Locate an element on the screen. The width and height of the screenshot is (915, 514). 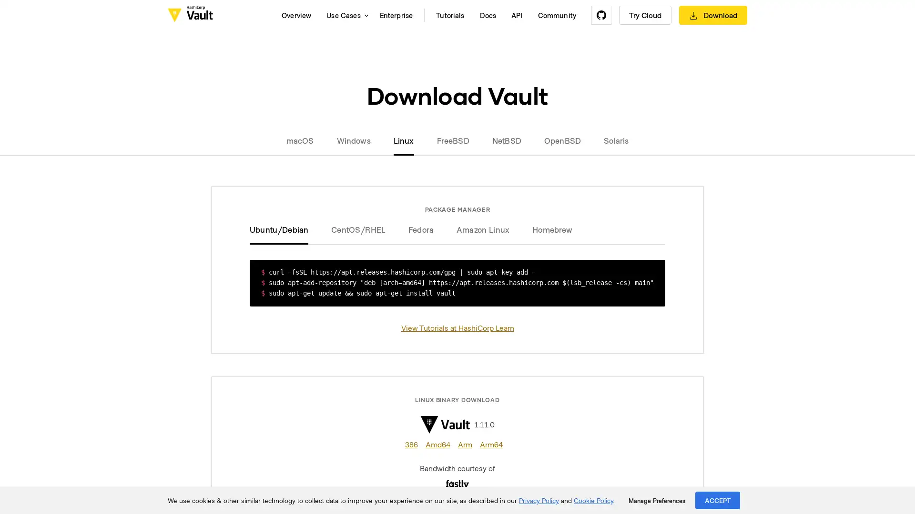
FreeBSD is located at coordinates (452, 140).